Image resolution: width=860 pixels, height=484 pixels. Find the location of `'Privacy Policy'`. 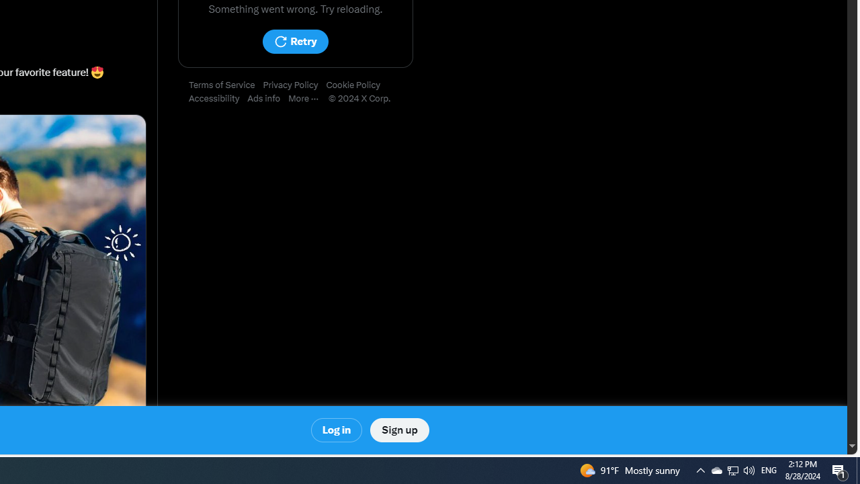

'Privacy Policy' is located at coordinates (294, 85).